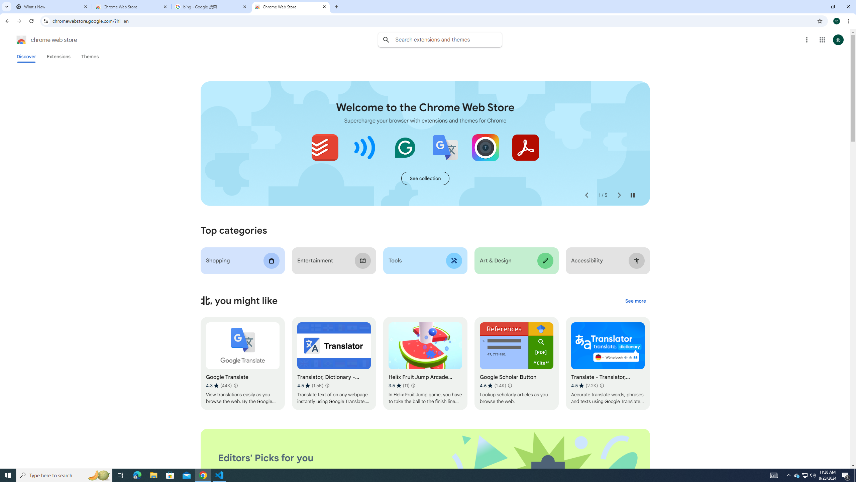 This screenshot has height=482, width=856. Describe the element at coordinates (39, 39) in the screenshot. I see `'Chrome Web Store logo chrome web store'` at that location.